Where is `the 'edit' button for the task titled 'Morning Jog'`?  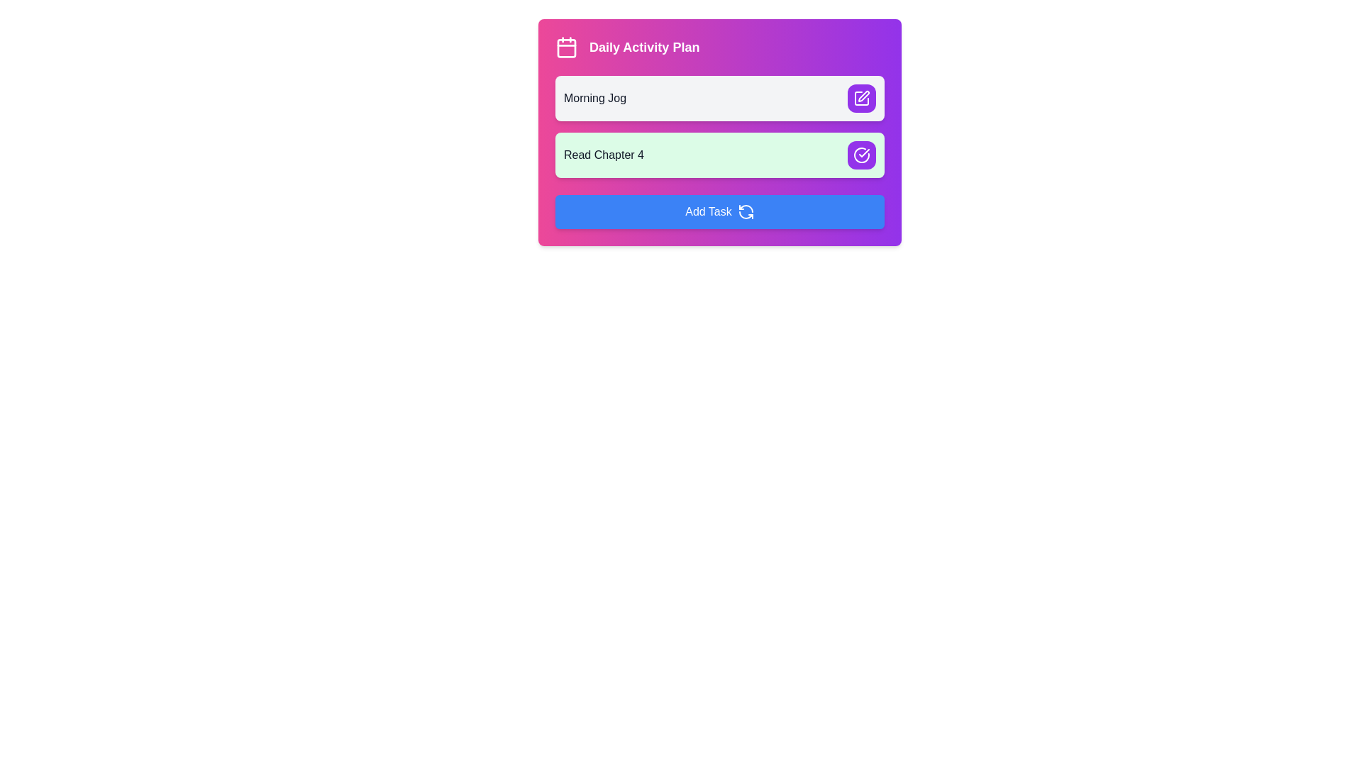 the 'edit' button for the task titled 'Morning Jog' is located at coordinates (860, 97).